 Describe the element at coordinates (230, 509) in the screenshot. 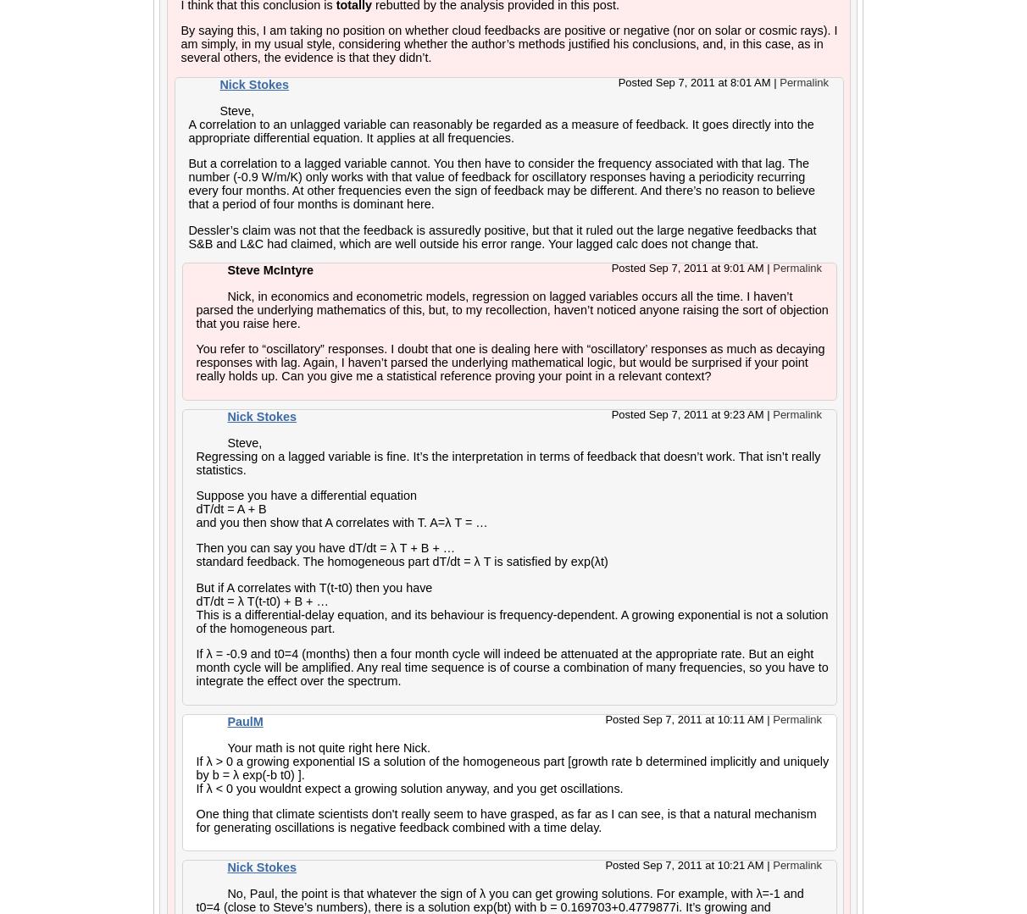

I see `'dT/dt = A + B'` at that location.